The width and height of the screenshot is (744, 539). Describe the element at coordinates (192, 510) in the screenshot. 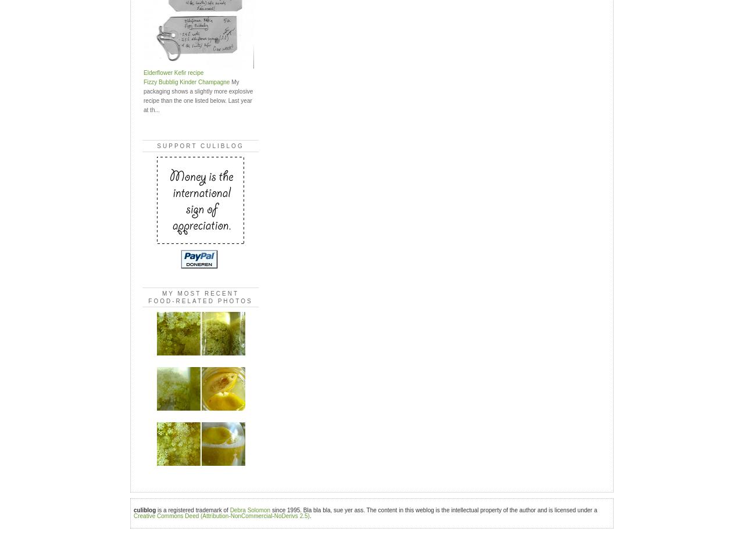

I see `'is a registered trademark of'` at that location.